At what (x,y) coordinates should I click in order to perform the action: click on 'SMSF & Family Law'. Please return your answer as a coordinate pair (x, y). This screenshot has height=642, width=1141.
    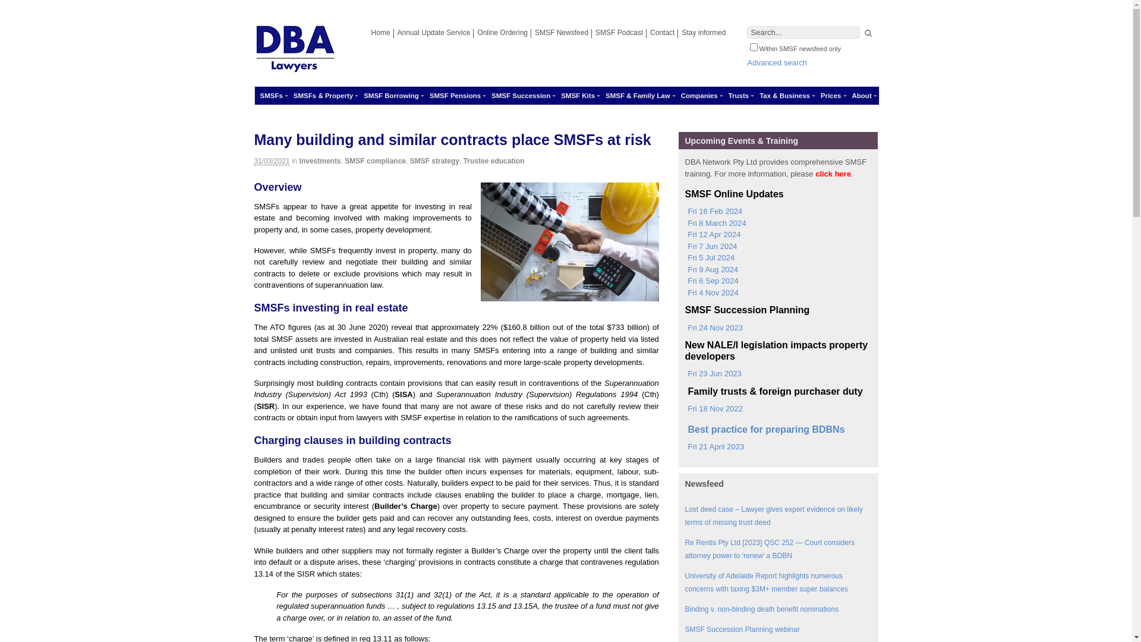
    Looking at the image, I should click on (600, 95).